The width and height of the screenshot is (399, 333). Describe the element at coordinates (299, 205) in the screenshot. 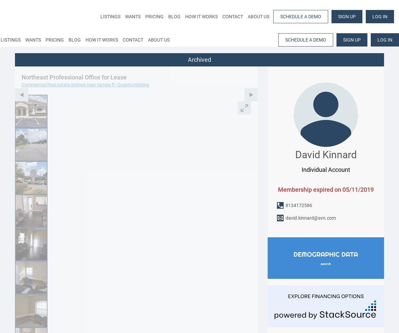

I see `'8134172586'` at that location.